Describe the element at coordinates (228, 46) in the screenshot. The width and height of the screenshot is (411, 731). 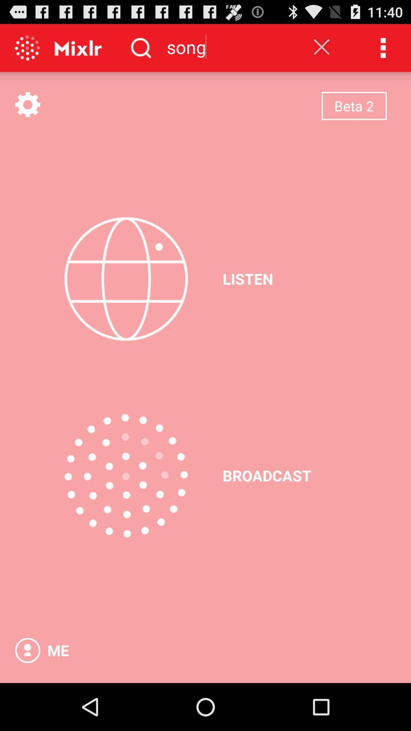
I see `song icon` at that location.